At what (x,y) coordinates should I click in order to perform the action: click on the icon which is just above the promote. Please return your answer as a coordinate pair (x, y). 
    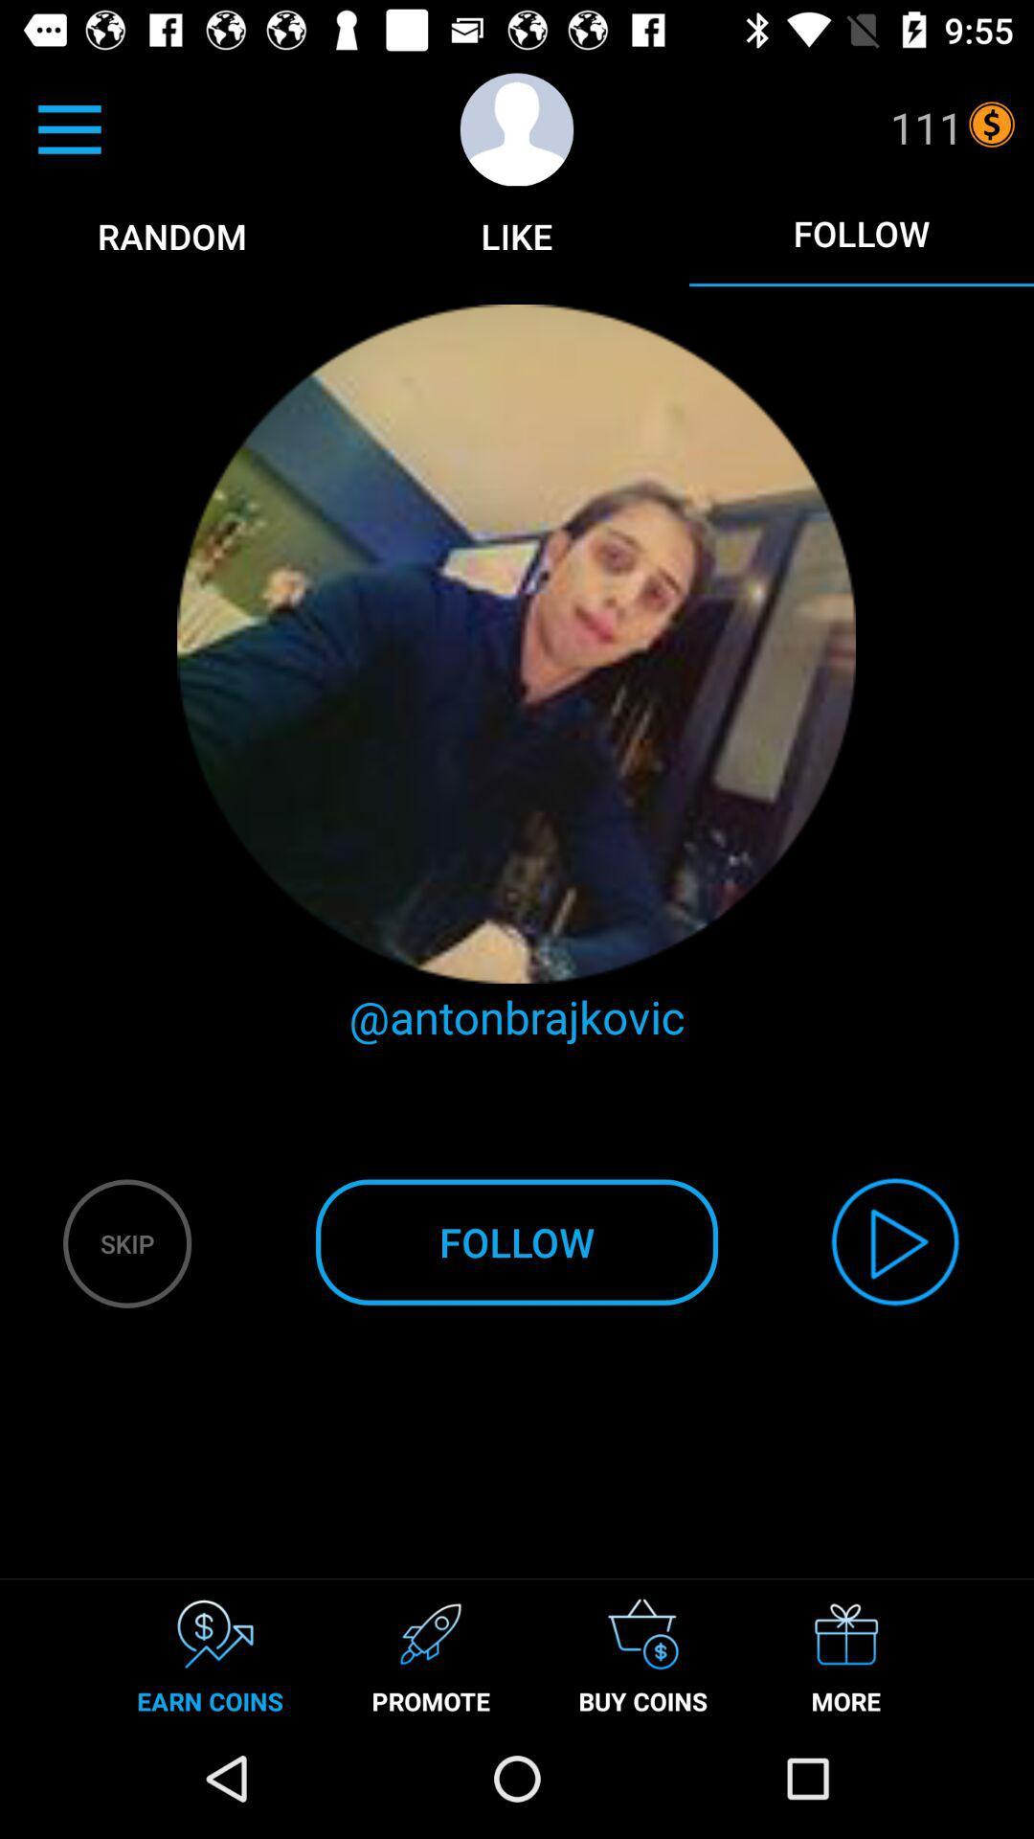
    Looking at the image, I should click on (431, 1633).